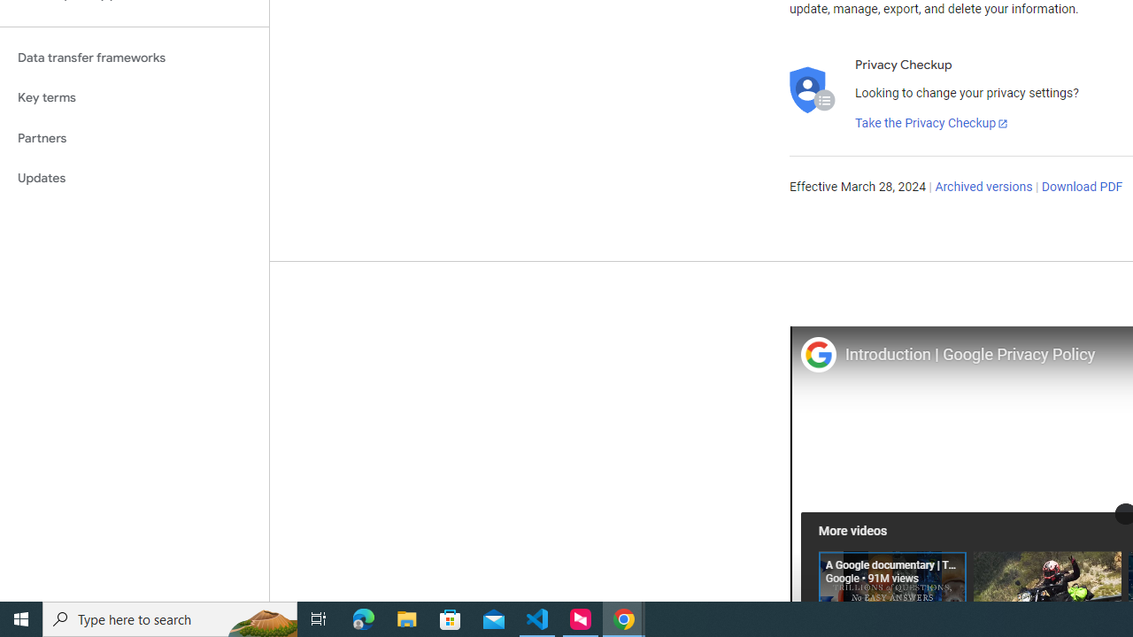  I want to click on 'Data transfer frameworks', so click(134, 57).